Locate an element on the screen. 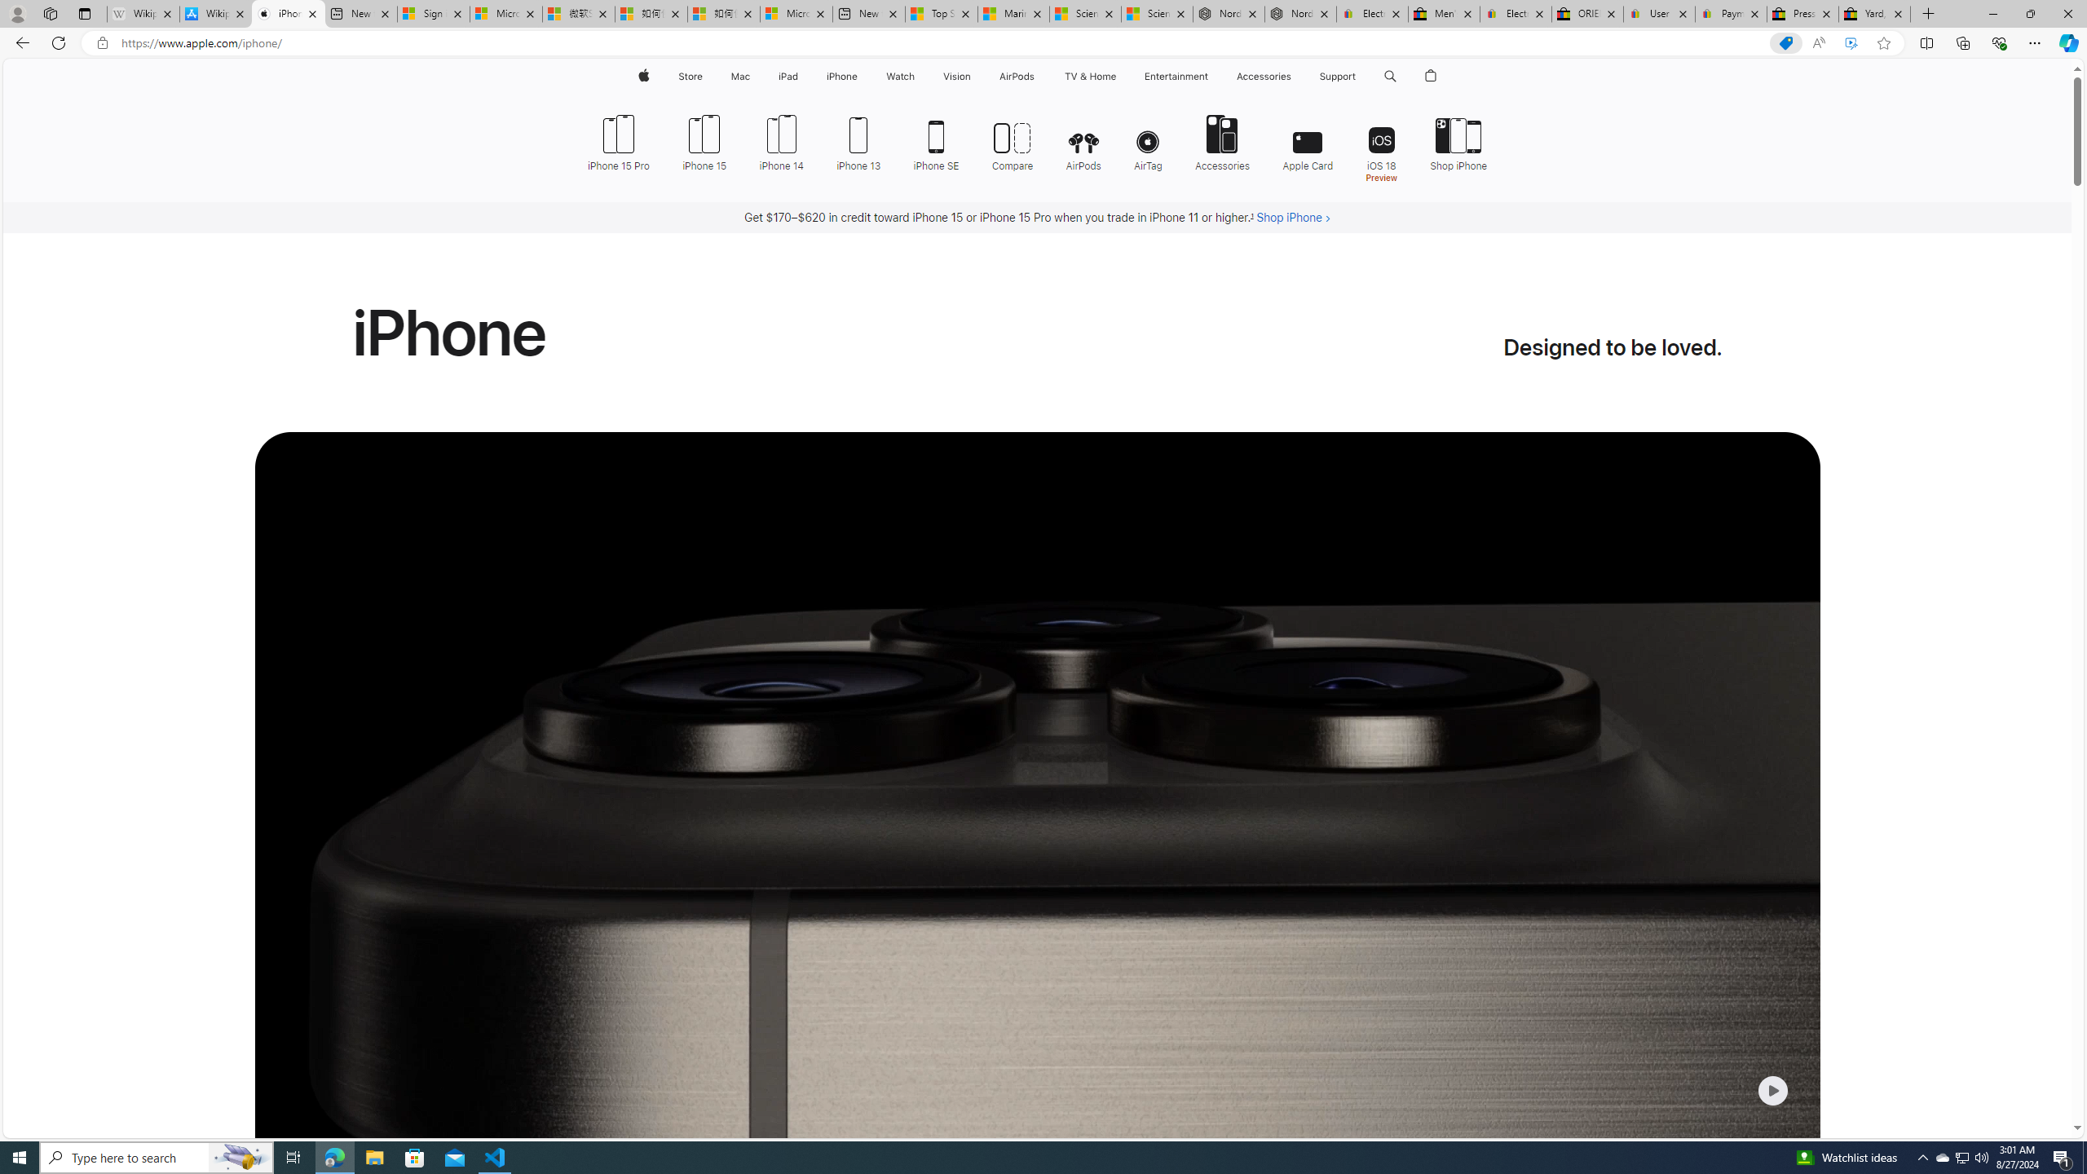 The height and width of the screenshot is (1174, 2087). 'Class: control-centered-small-icon' is located at coordinates (1772, 1089).